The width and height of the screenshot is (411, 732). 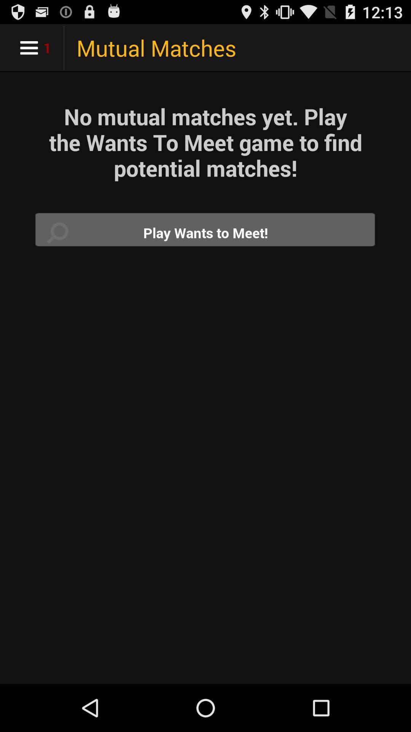 I want to click on the item below the no mutual matches, so click(x=205, y=232).